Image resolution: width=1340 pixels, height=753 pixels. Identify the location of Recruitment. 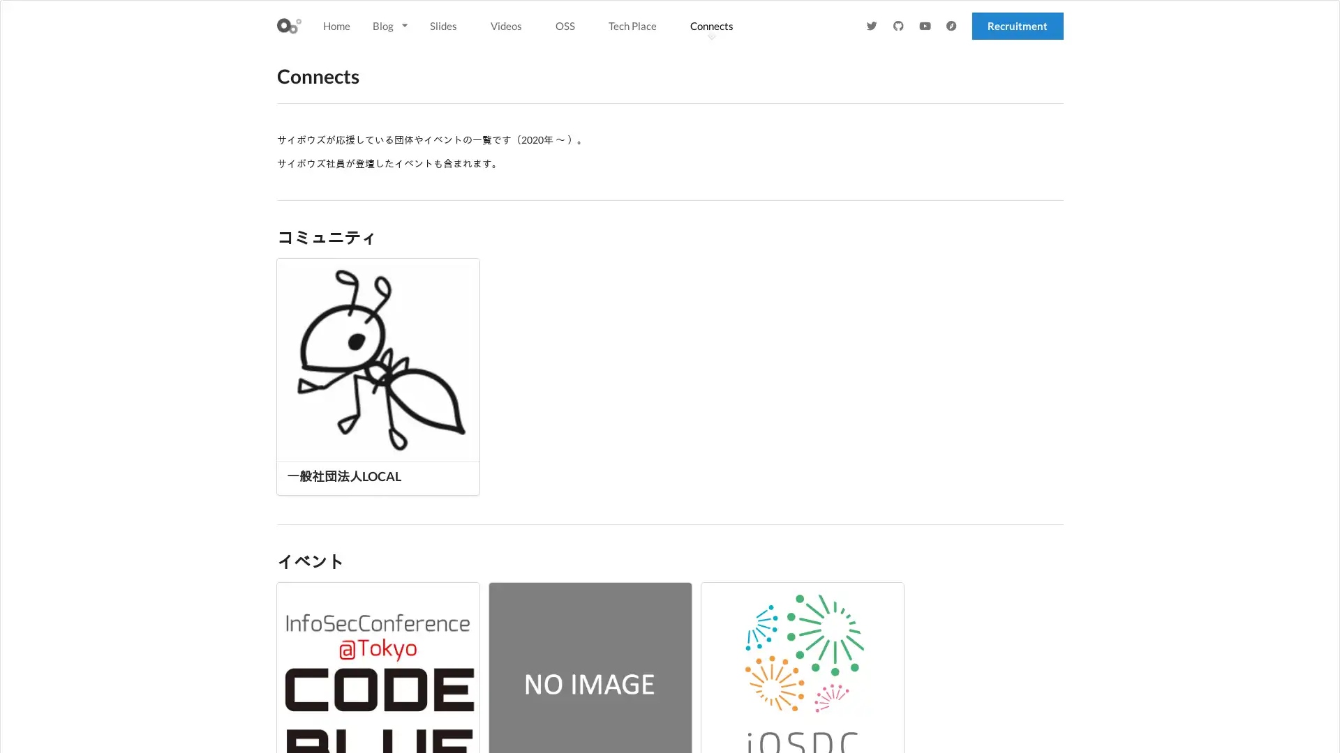
(1017, 26).